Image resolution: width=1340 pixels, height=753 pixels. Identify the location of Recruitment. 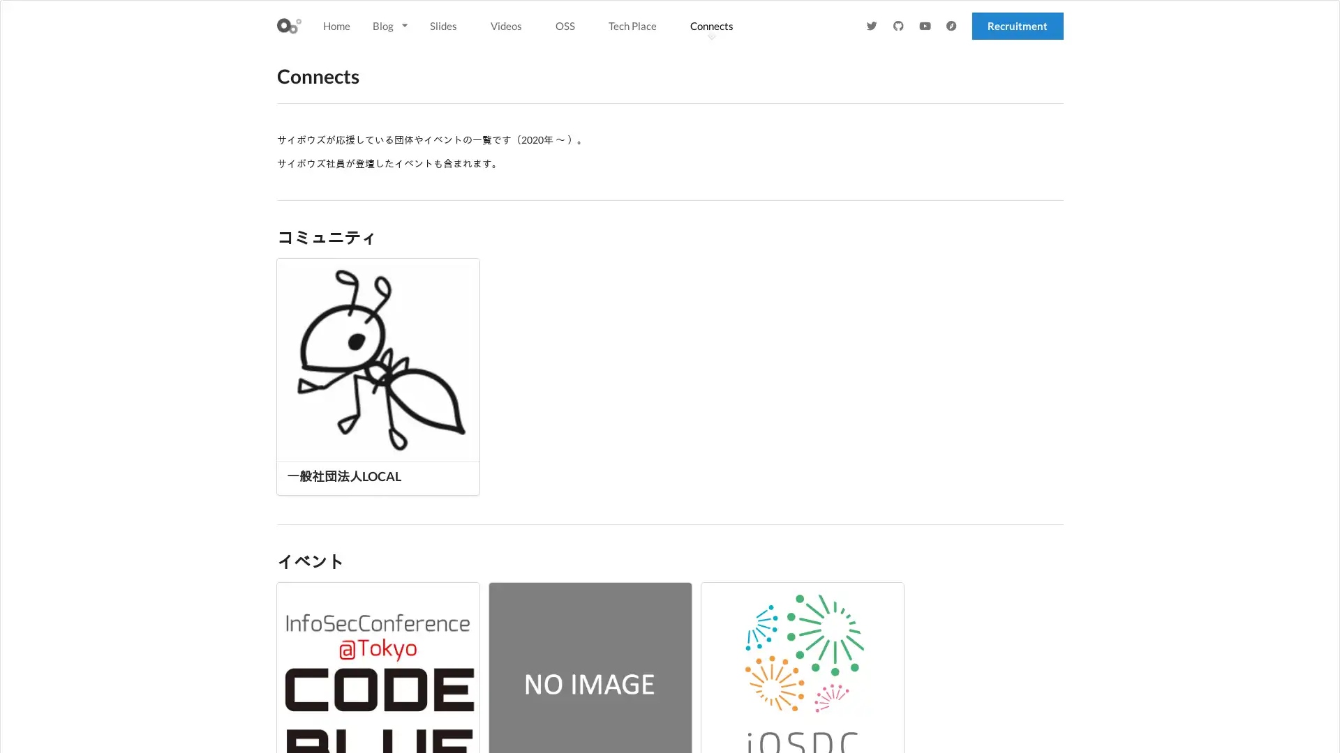
(1017, 26).